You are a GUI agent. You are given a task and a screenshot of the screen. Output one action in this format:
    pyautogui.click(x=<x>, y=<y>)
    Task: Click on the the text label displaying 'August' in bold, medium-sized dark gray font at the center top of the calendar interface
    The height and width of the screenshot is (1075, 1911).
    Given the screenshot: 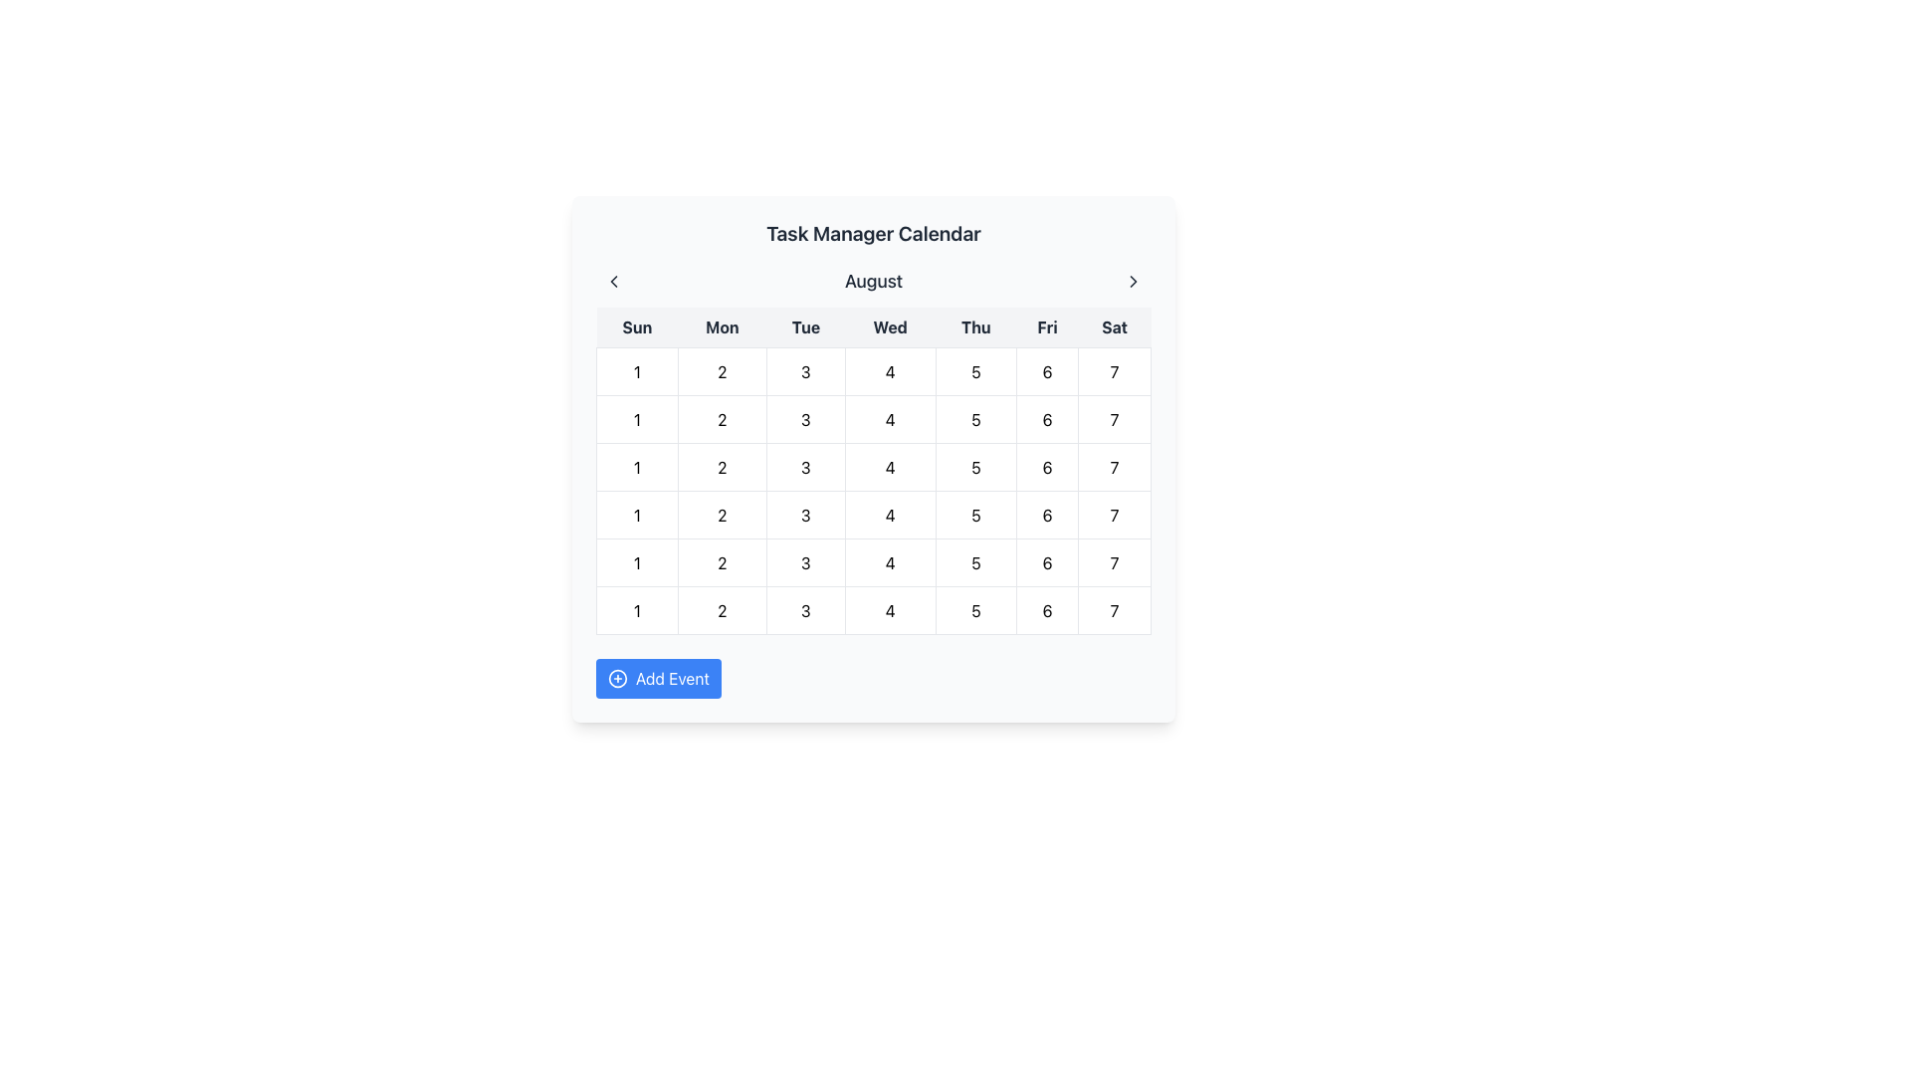 What is the action you would take?
    pyautogui.click(x=874, y=281)
    